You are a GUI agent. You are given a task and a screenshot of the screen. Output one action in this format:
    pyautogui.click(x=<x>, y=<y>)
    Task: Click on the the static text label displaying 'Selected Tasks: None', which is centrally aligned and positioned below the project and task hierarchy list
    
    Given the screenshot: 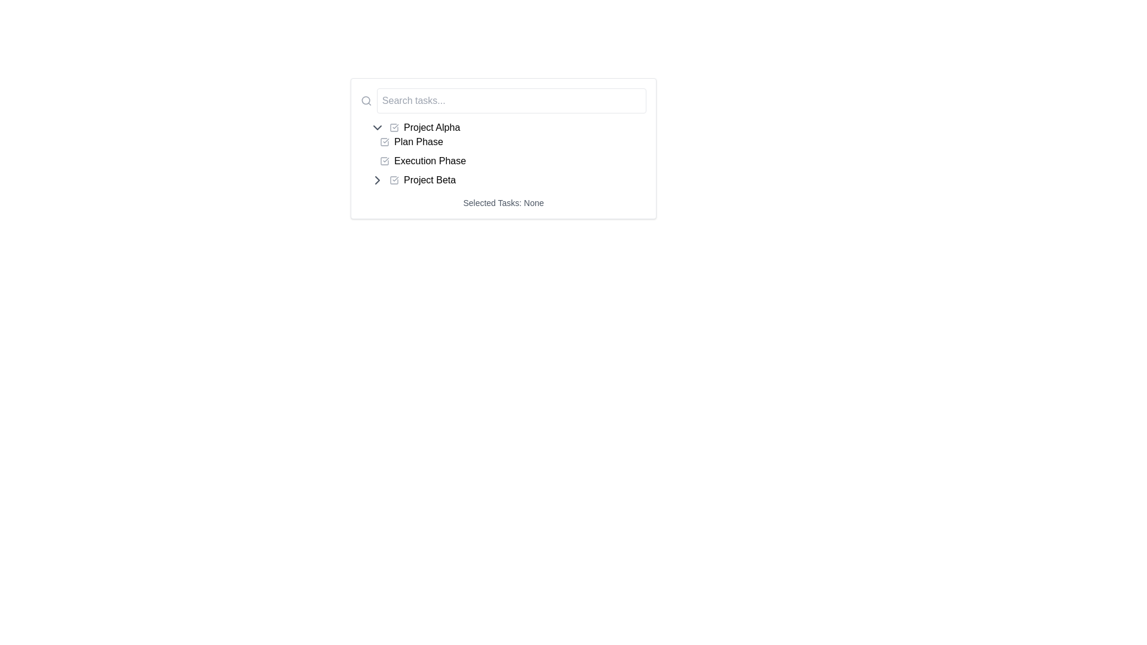 What is the action you would take?
    pyautogui.click(x=504, y=202)
    